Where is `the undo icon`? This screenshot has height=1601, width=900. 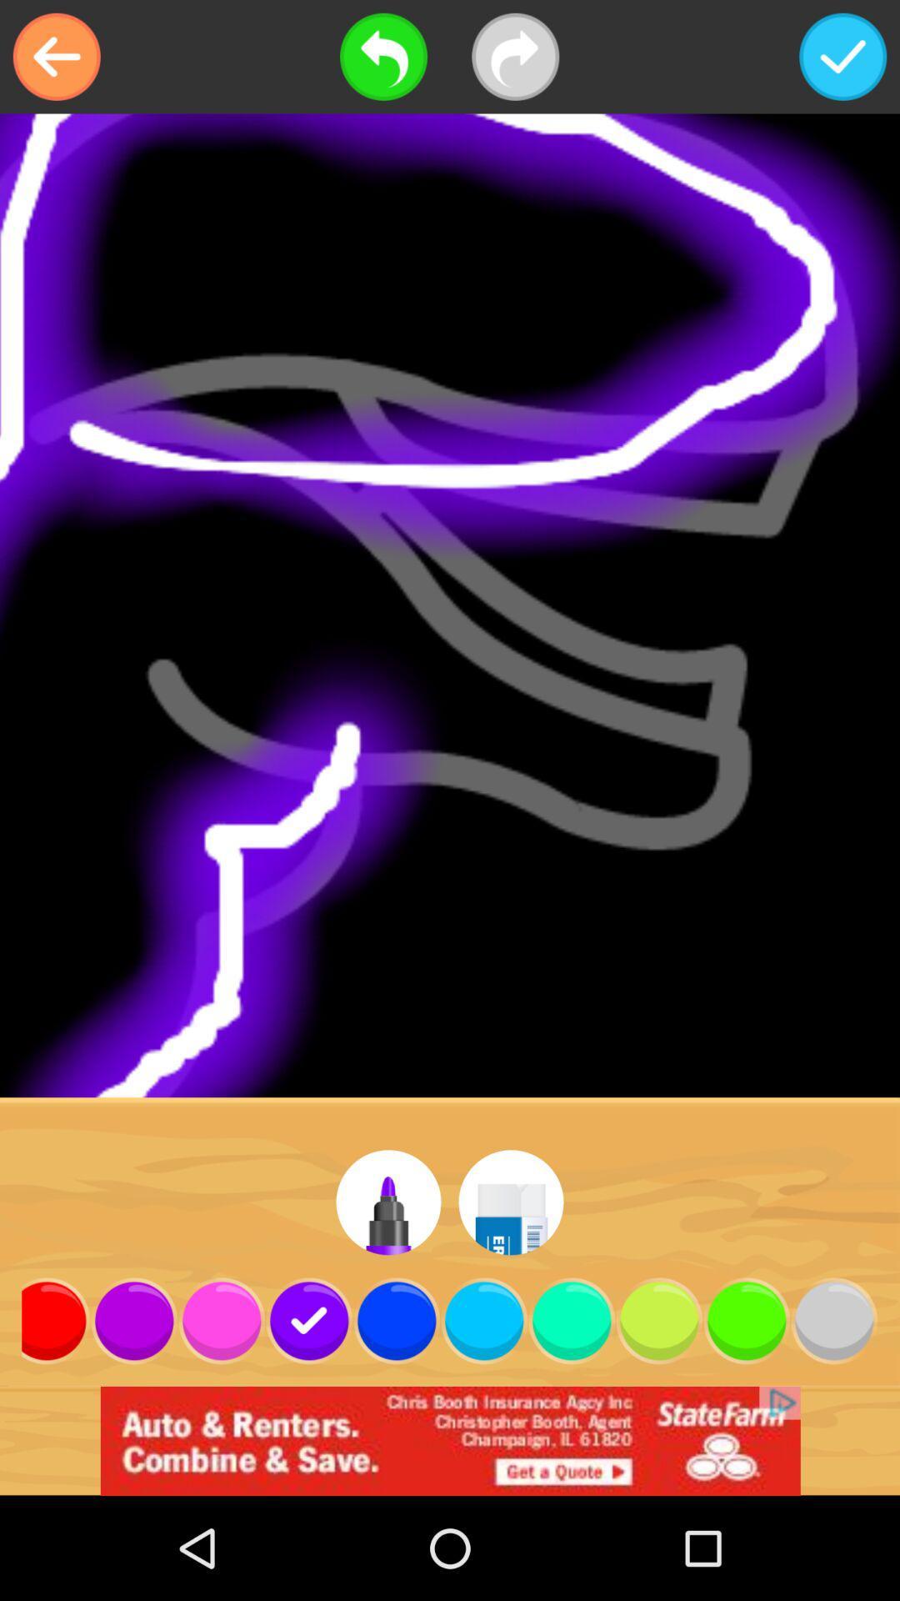 the undo icon is located at coordinates (383, 57).